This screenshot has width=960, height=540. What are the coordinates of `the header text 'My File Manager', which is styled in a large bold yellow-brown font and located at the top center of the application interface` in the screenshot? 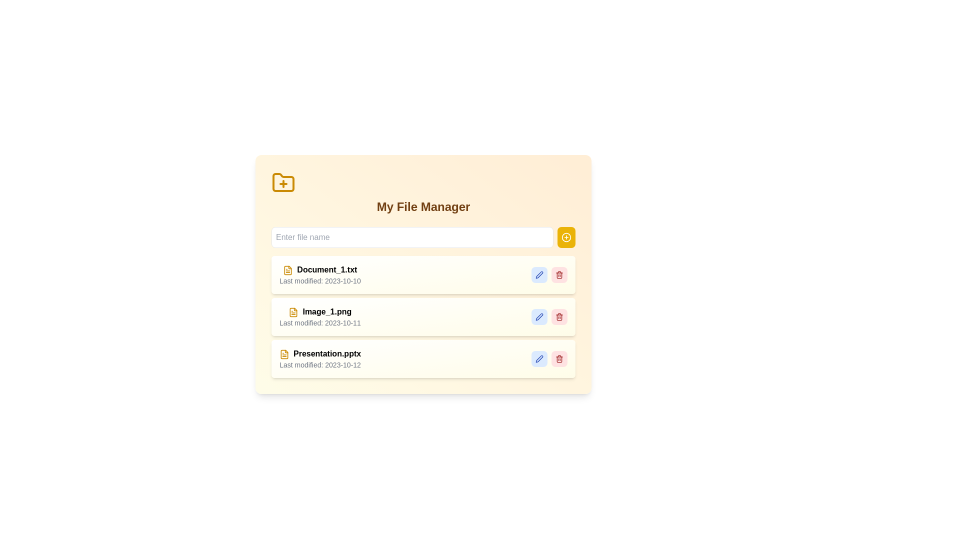 It's located at (423, 206).